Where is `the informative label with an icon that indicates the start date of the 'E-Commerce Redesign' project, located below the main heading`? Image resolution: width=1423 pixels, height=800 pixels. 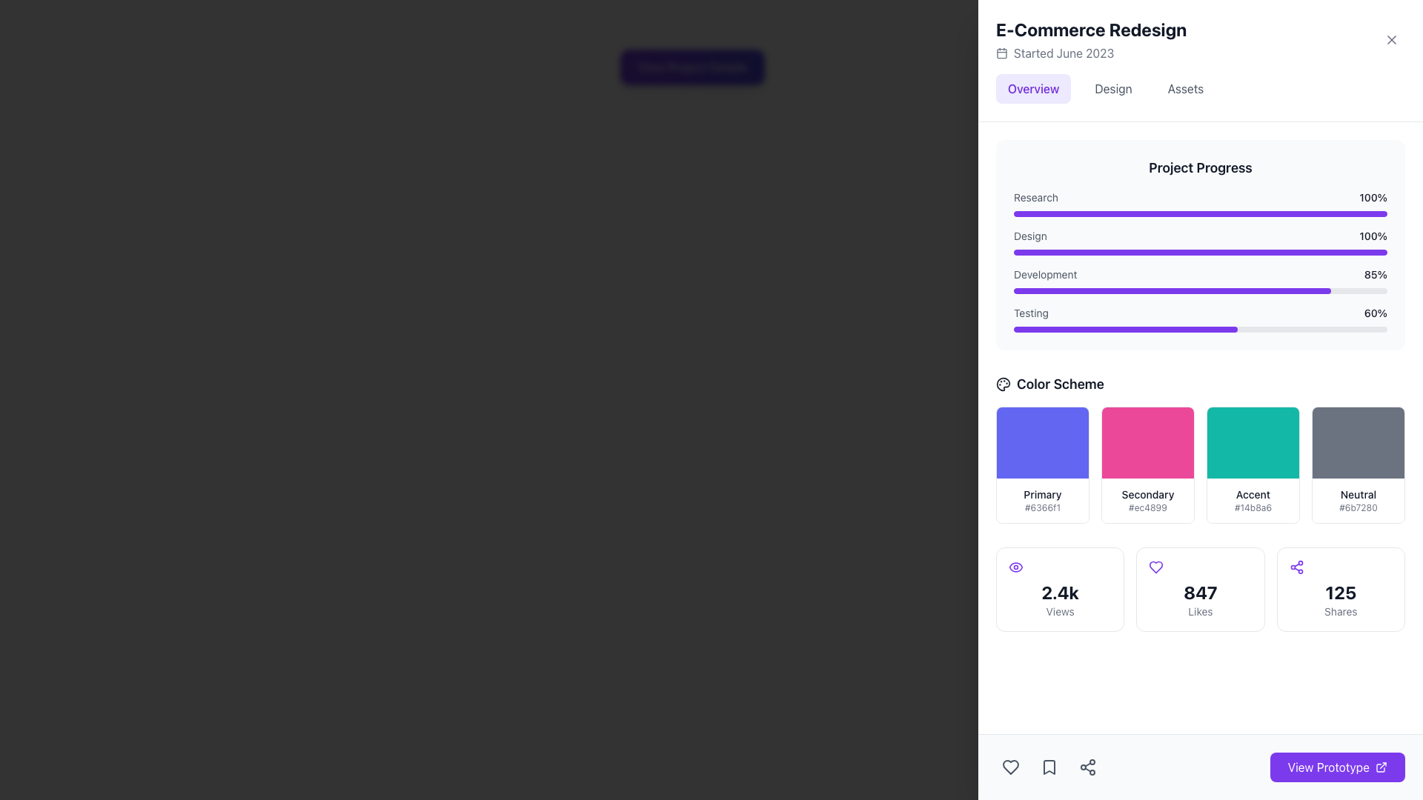 the informative label with an icon that indicates the start date of the 'E-Commerce Redesign' project, located below the main heading is located at coordinates (1091, 53).